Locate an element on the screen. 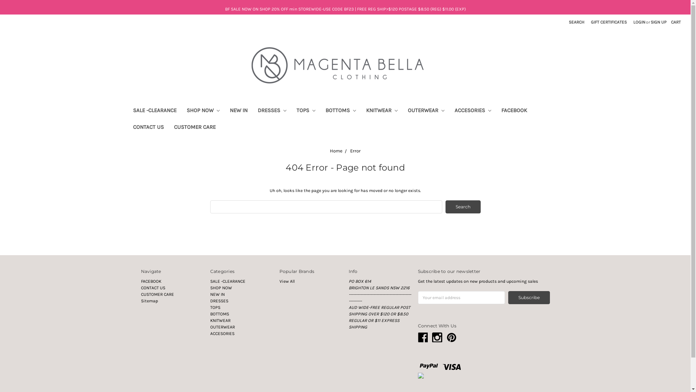 This screenshot has height=392, width=696. 'SEARCH' is located at coordinates (576, 22).